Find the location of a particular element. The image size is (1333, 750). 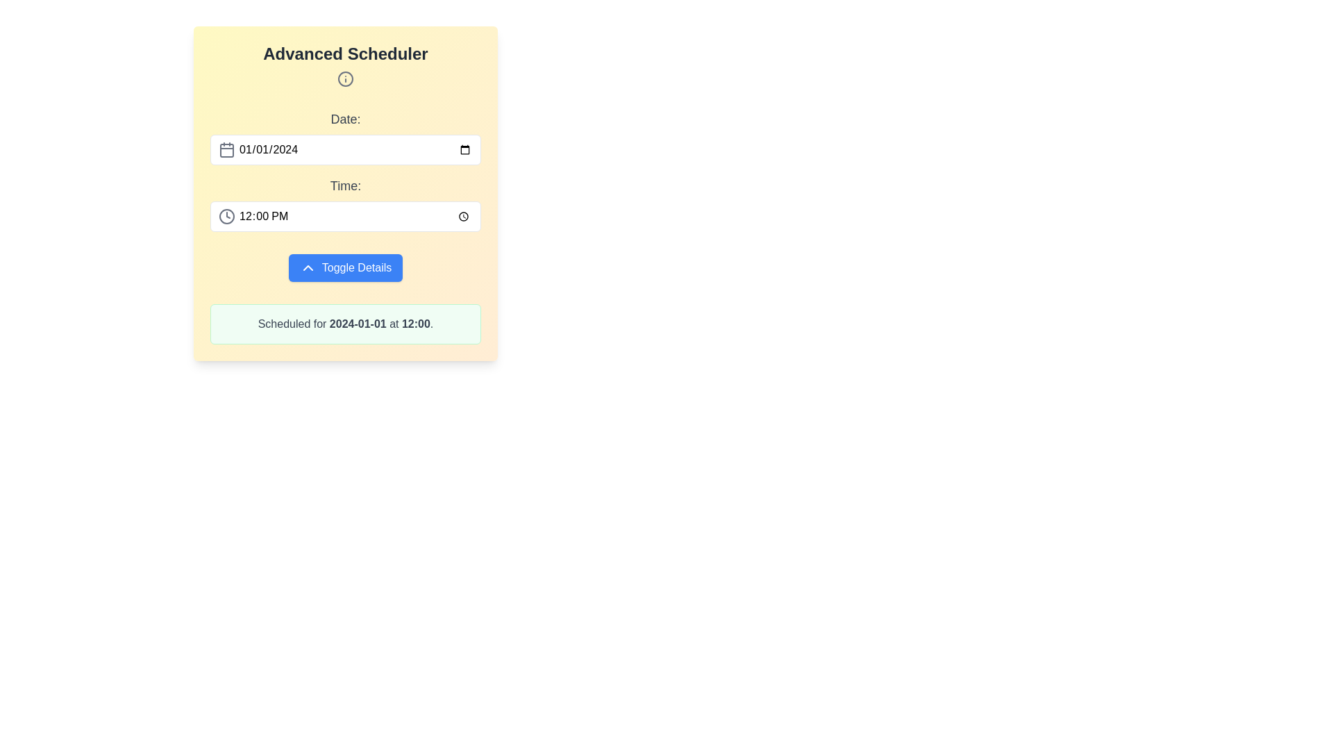

the date label displaying '2024-01-01', which is a dark gray sans-serif text located at the bottom of the card is located at coordinates (358, 324).